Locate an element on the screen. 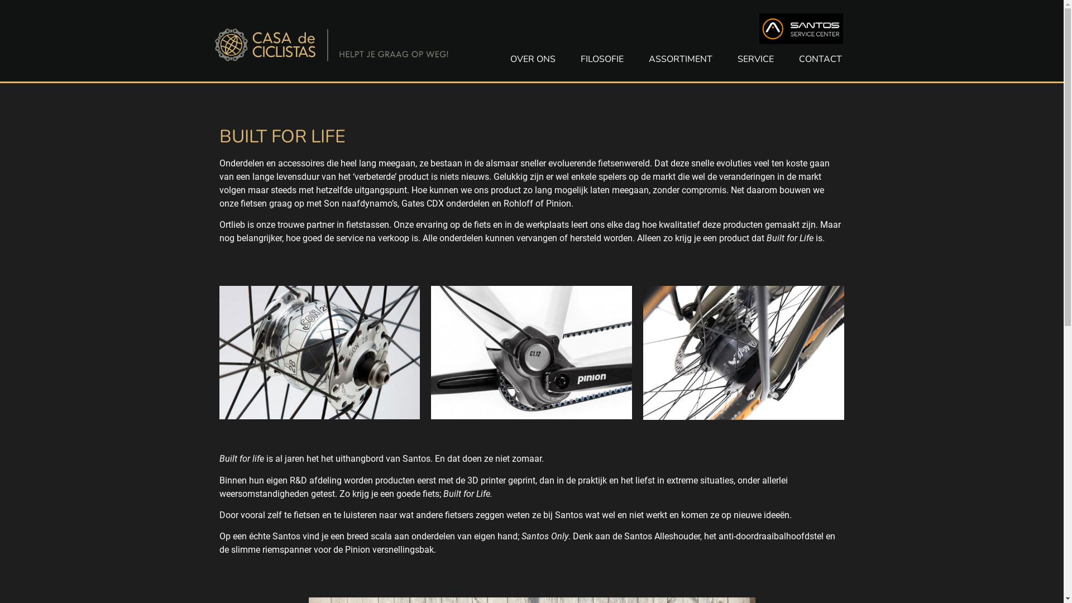 The image size is (1072, 603). 'ASSORTIMENT' is located at coordinates (679, 59).